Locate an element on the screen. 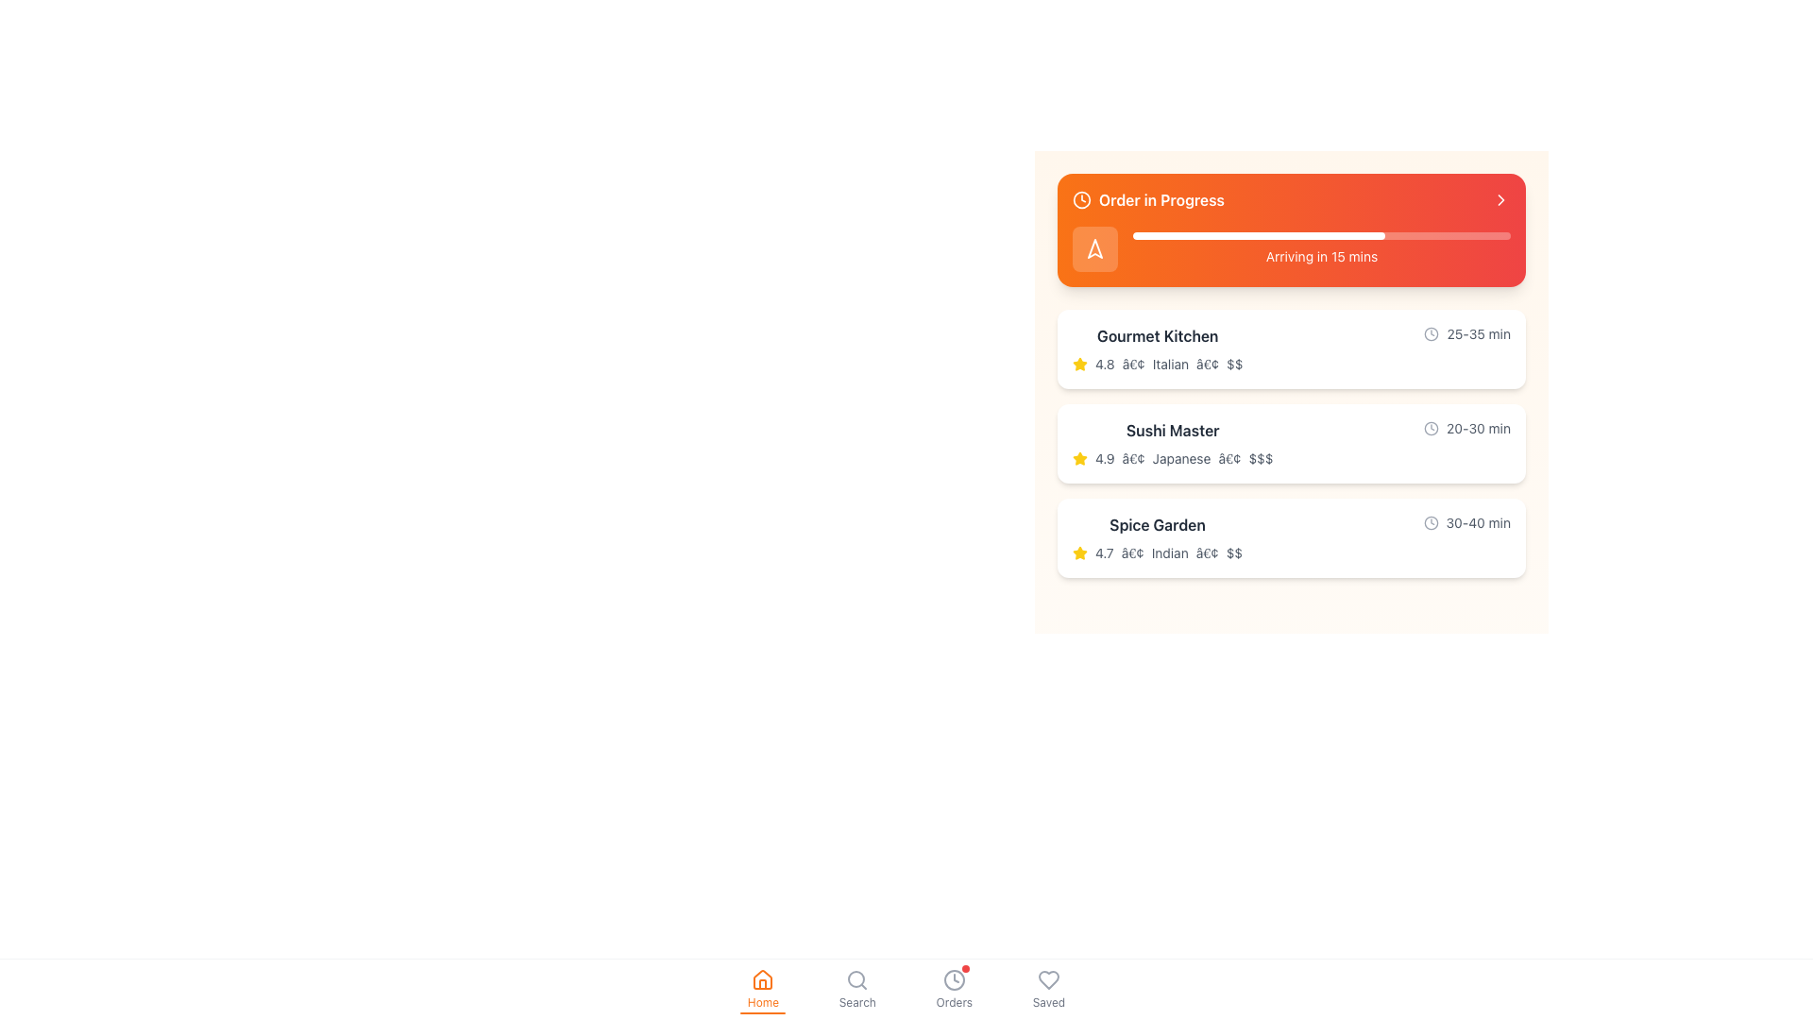  the Label displaying '20-30 min' in gray color, which is positioned to the right of a clock icon in a horizontal layout next to the Sushi Master row is located at coordinates (1478, 429).